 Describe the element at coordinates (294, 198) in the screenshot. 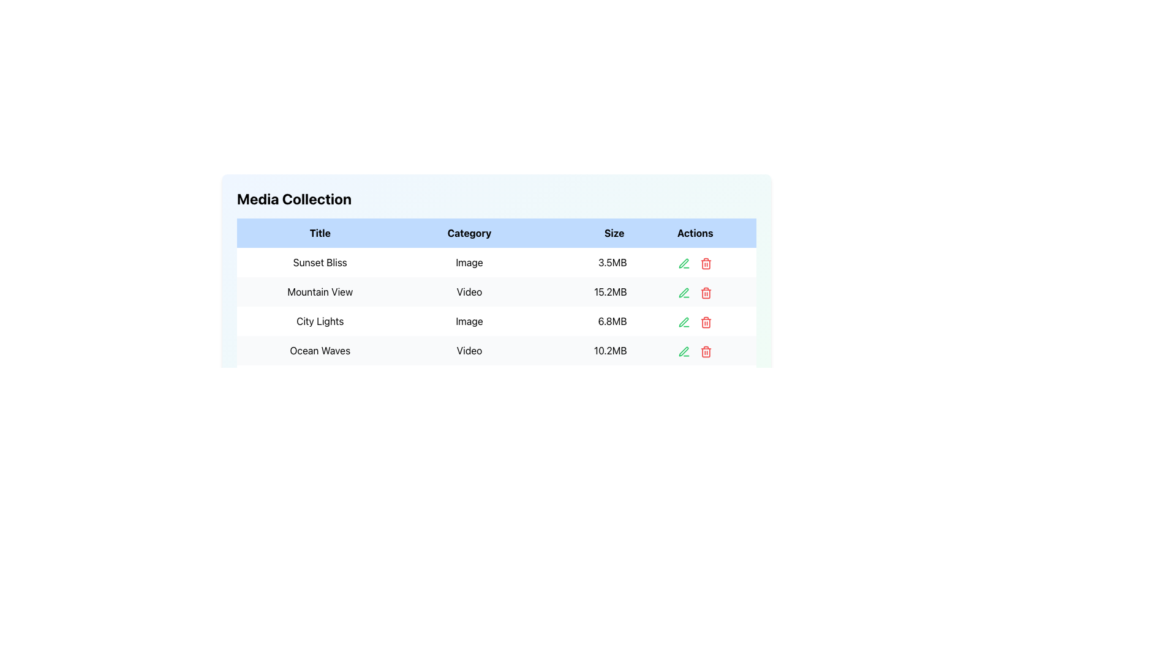

I see `the text label that serves as the title for the media collection section, positioned above the adjacent table` at that location.